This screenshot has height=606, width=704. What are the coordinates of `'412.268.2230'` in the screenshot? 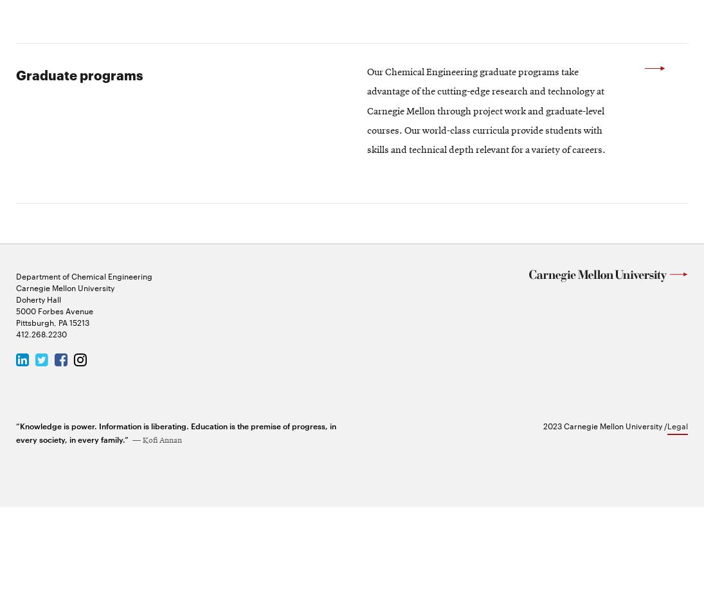 It's located at (41, 431).